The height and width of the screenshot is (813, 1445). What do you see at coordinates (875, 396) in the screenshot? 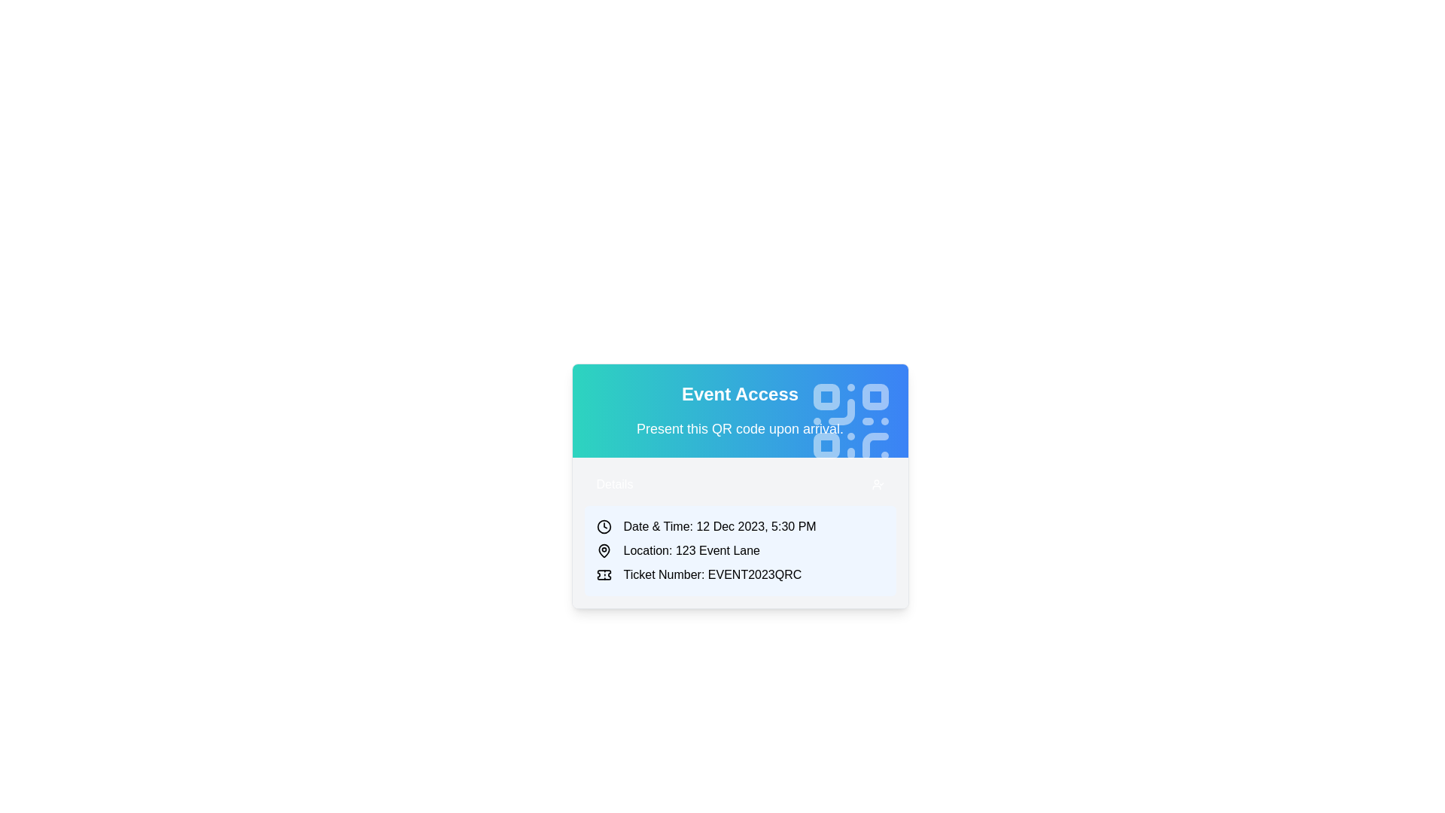
I see `the second small square in the top row of the decorative QR code graphic located in the top-right corner of the 'Event Access' card` at bounding box center [875, 396].